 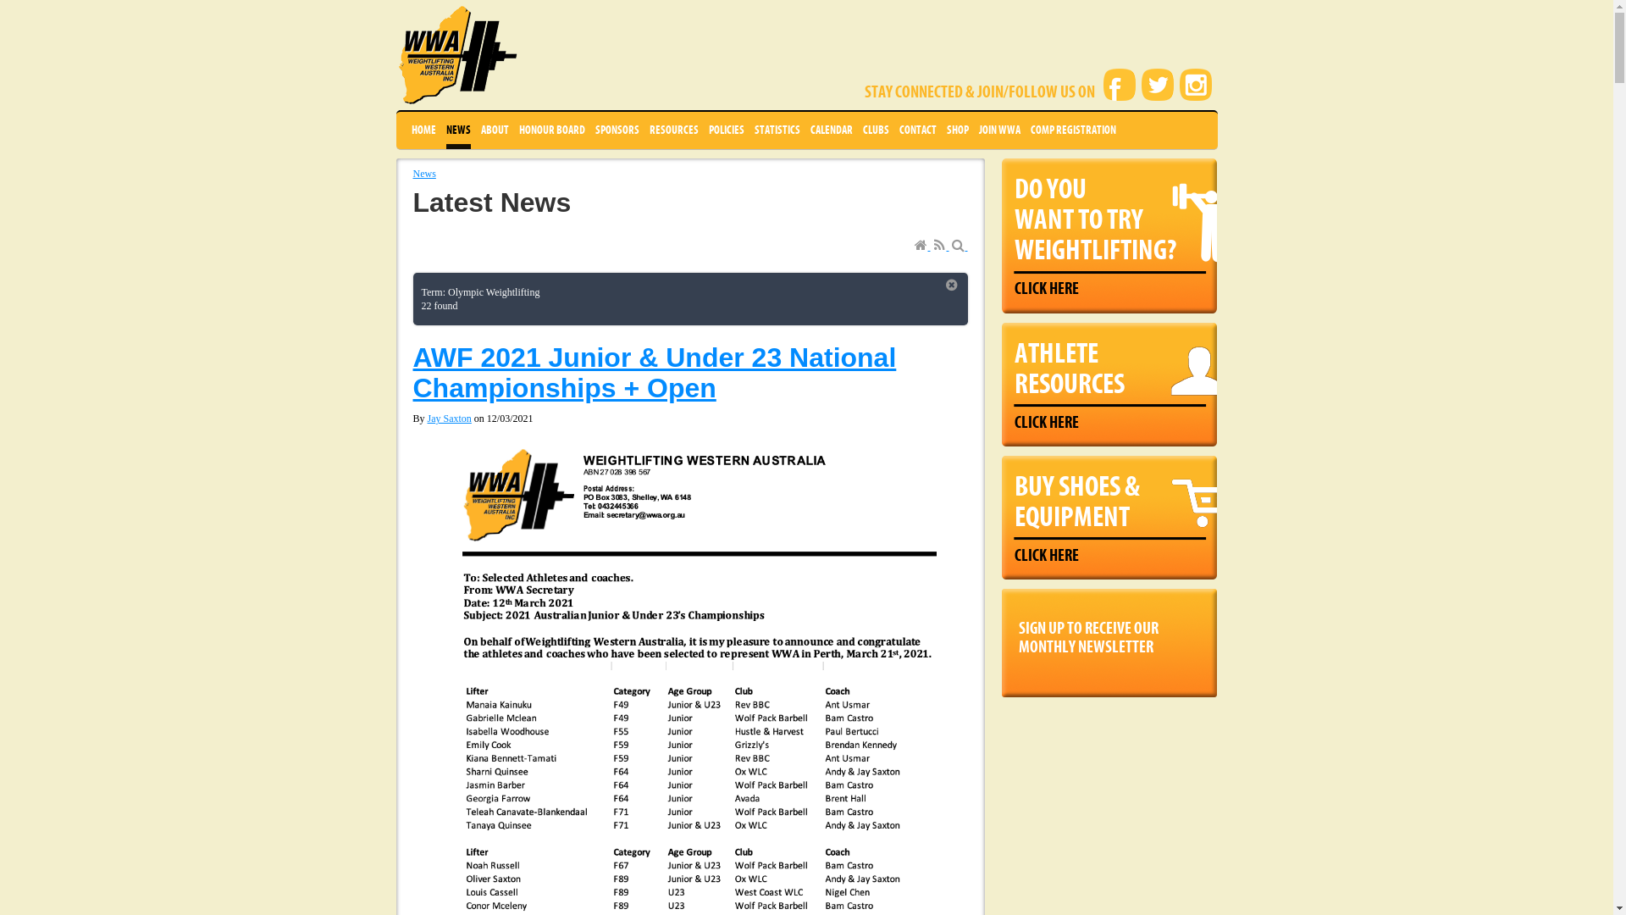 I want to click on 'RESOURCES', so click(x=672, y=130).